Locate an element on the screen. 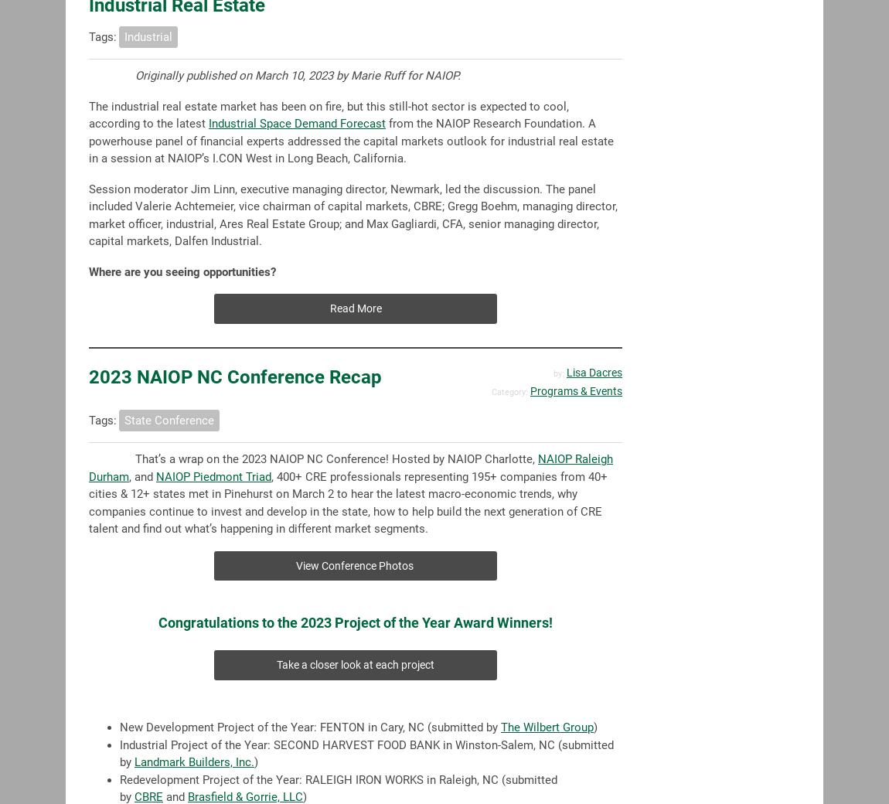  ', 400+ CRE professionals representing 195+ companies from 40+ cities & 12+ states met in Pinehurst on March 2 to hear the latest macro-economic trends, why companies continue to invest and develop in the state, how to help build the next generation of CRE talent and find out what’s happening in different market segments.' is located at coordinates (348, 502).